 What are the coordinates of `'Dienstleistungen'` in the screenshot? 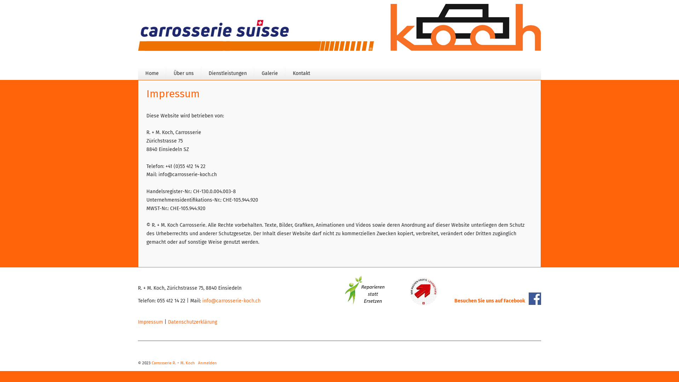 It's located at (227, 74).